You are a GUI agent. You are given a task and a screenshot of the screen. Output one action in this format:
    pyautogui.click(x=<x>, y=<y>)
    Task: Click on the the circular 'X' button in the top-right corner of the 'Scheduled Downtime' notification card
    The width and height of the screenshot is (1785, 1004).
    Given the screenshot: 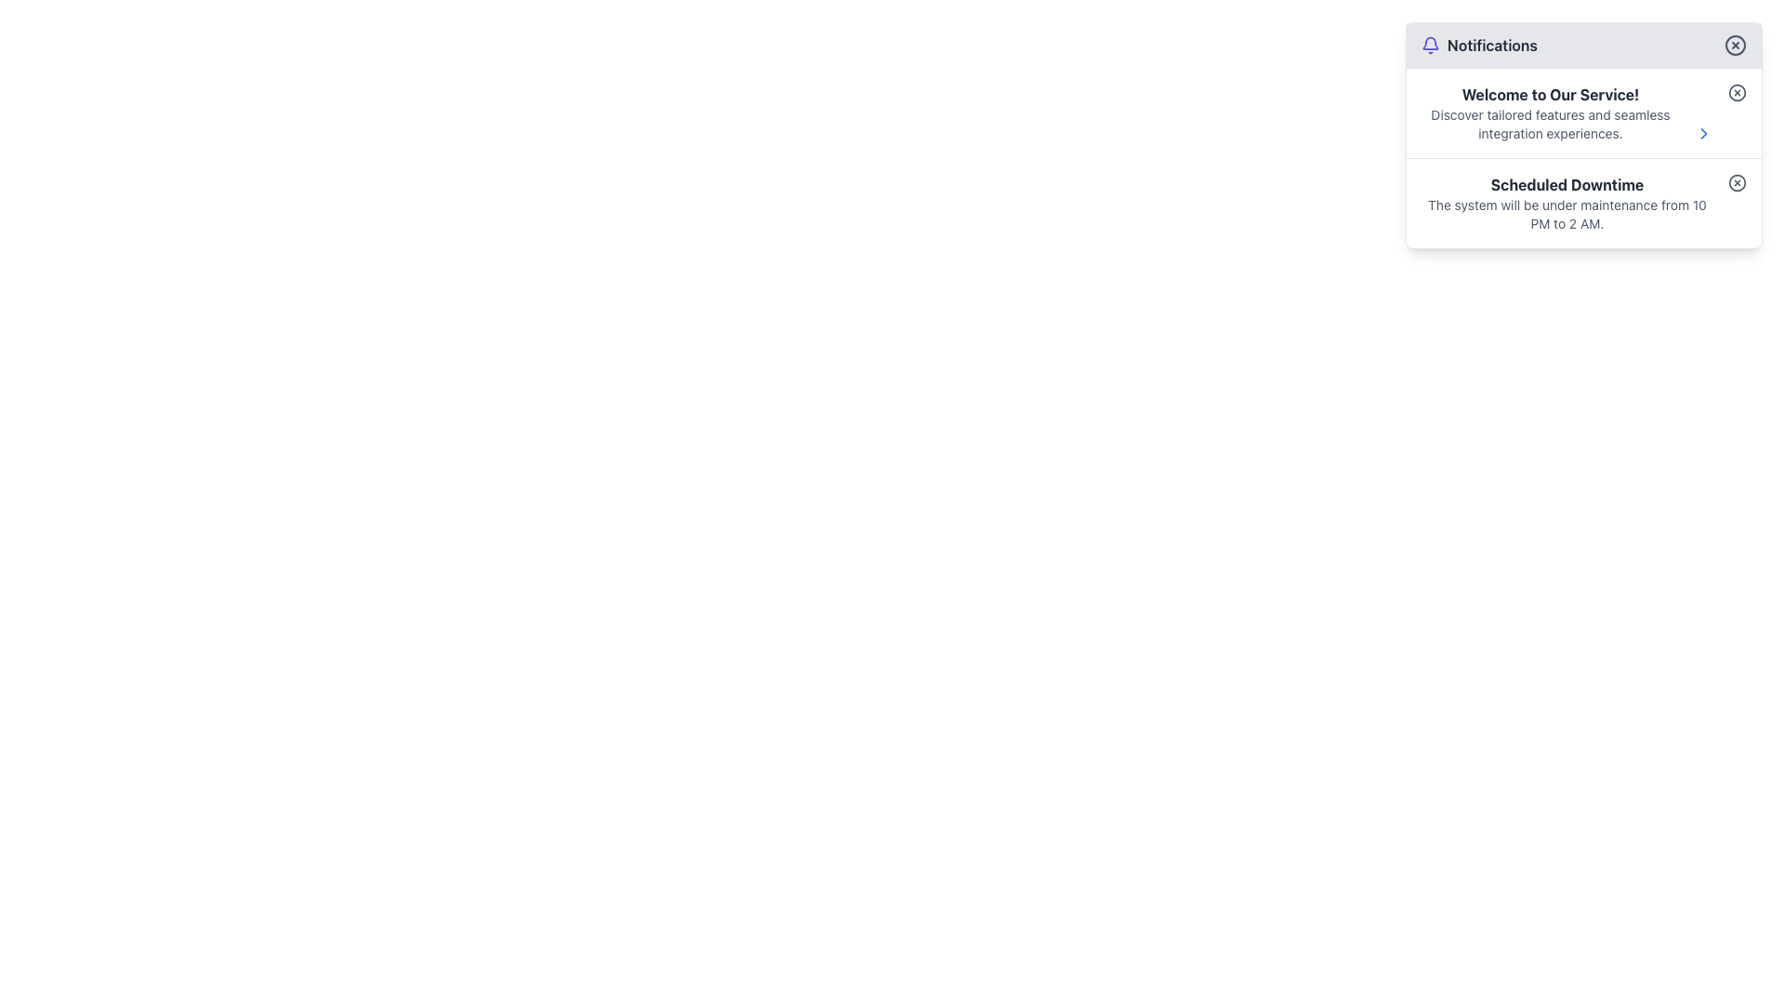 What is the action you would take?
    pyautogui.click(x=1736, y=182)
    